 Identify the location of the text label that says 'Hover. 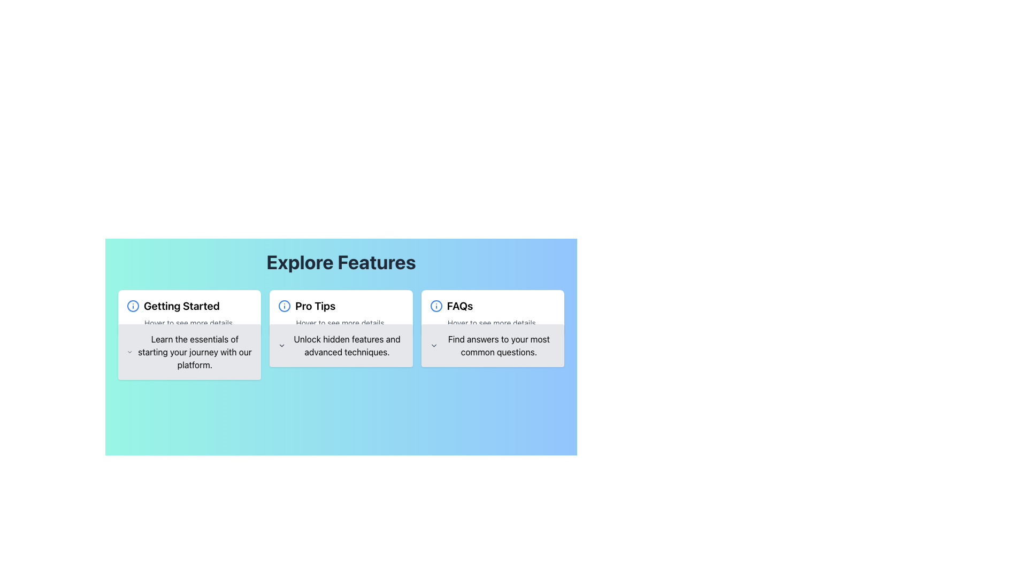
(341, 323).